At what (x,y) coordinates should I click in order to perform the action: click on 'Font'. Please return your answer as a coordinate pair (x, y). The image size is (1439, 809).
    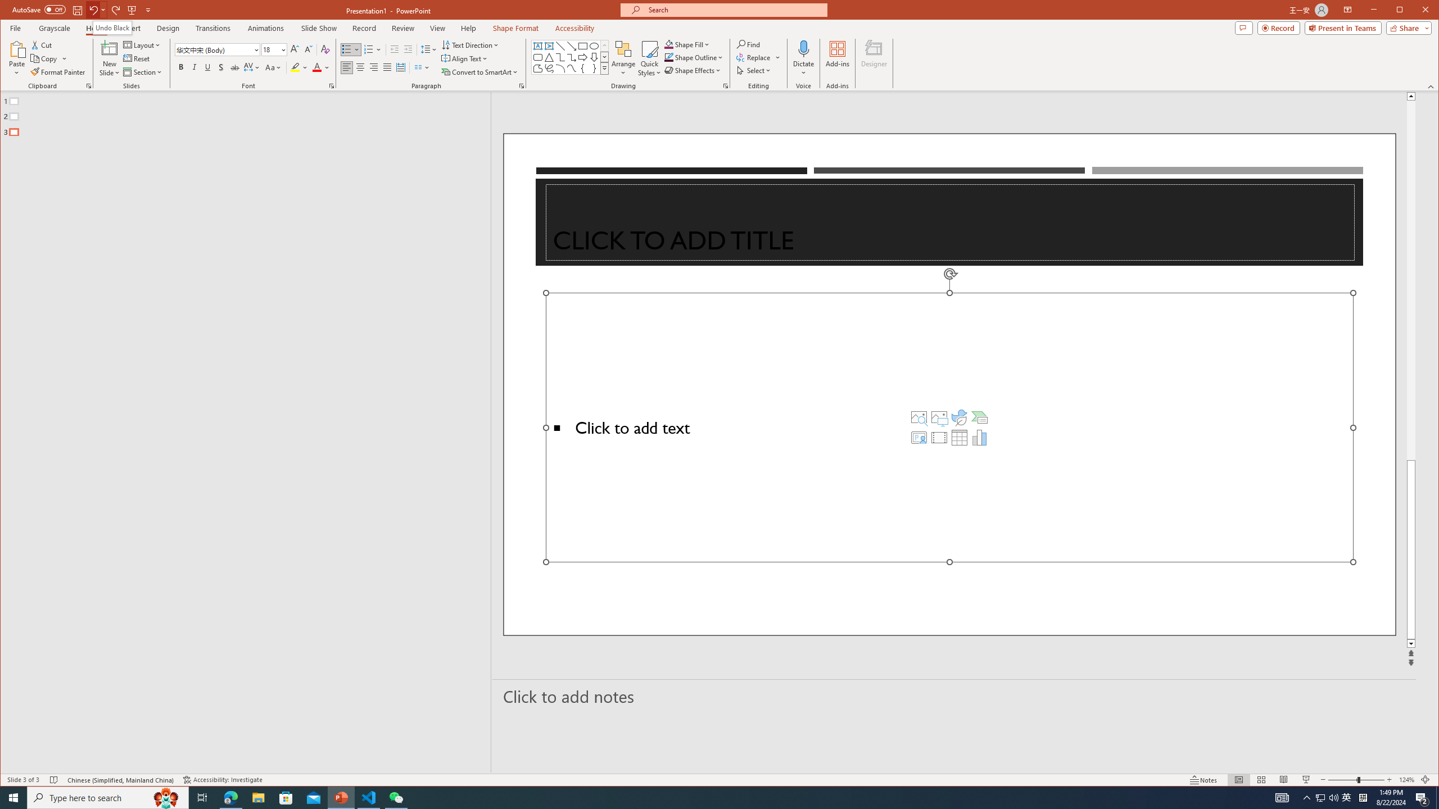
    Looking at the image, I should click on (213, 49).